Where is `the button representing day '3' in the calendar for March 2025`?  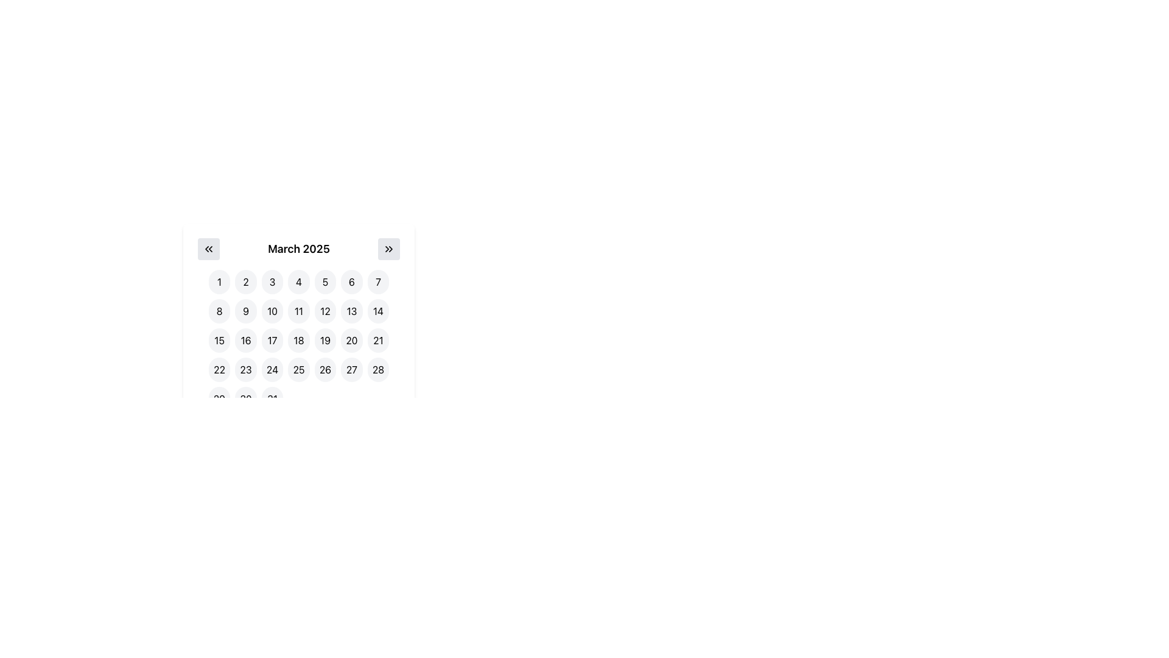
the button representing day '3' in the calendar for March 2025 is located at coordinates (272, 281).